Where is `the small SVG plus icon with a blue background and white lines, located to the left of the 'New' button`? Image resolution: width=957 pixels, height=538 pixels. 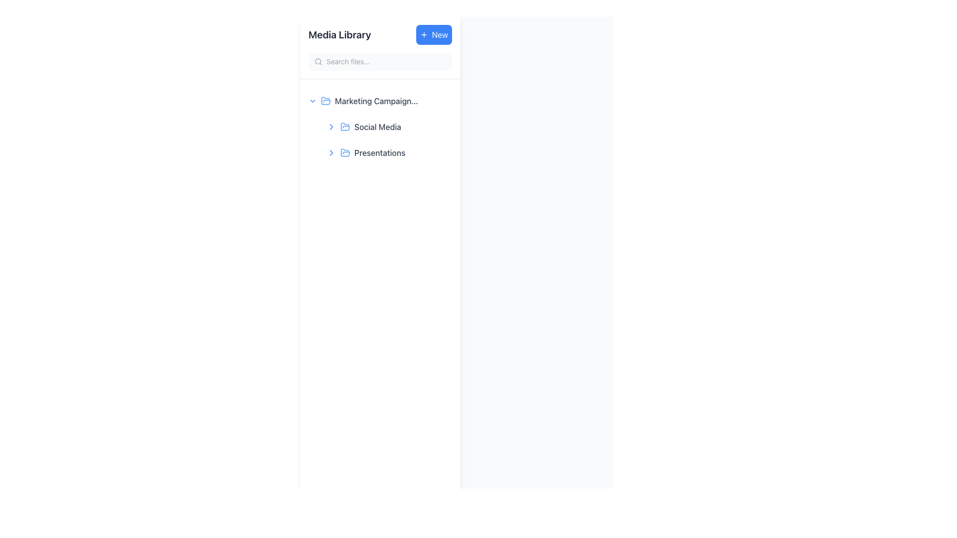 the small SVG plus icon with a blue background and white lines, located to the left of the 'New' button is located at coordinates (424, 34).